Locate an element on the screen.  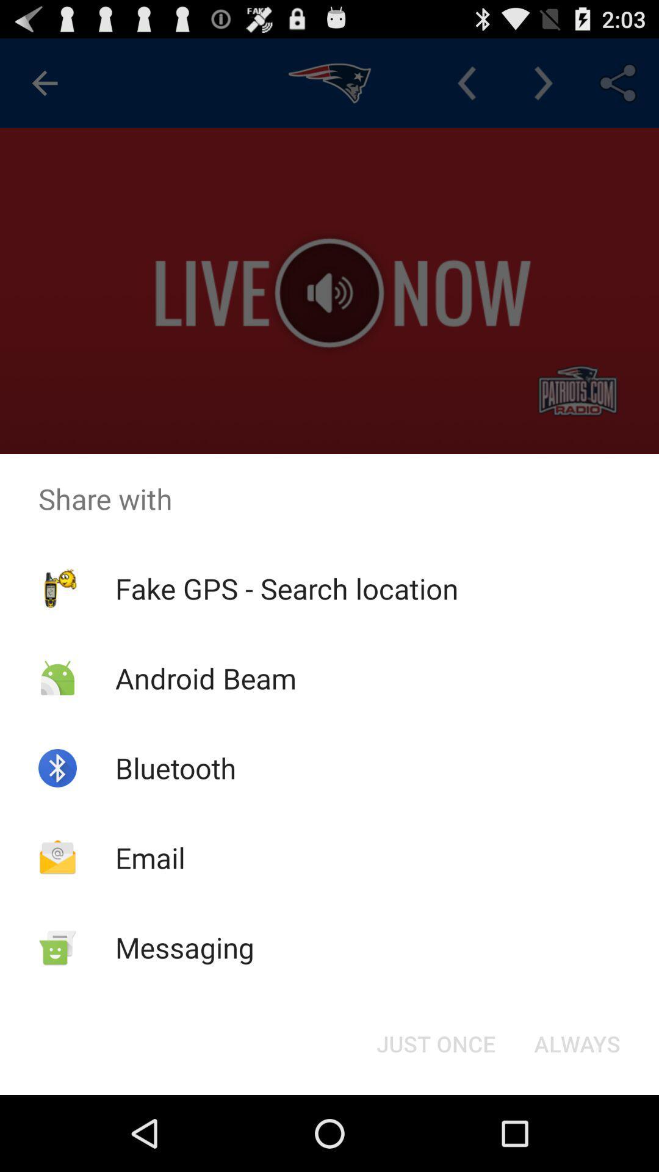
just once icon is located at coordinates (435, 1043).